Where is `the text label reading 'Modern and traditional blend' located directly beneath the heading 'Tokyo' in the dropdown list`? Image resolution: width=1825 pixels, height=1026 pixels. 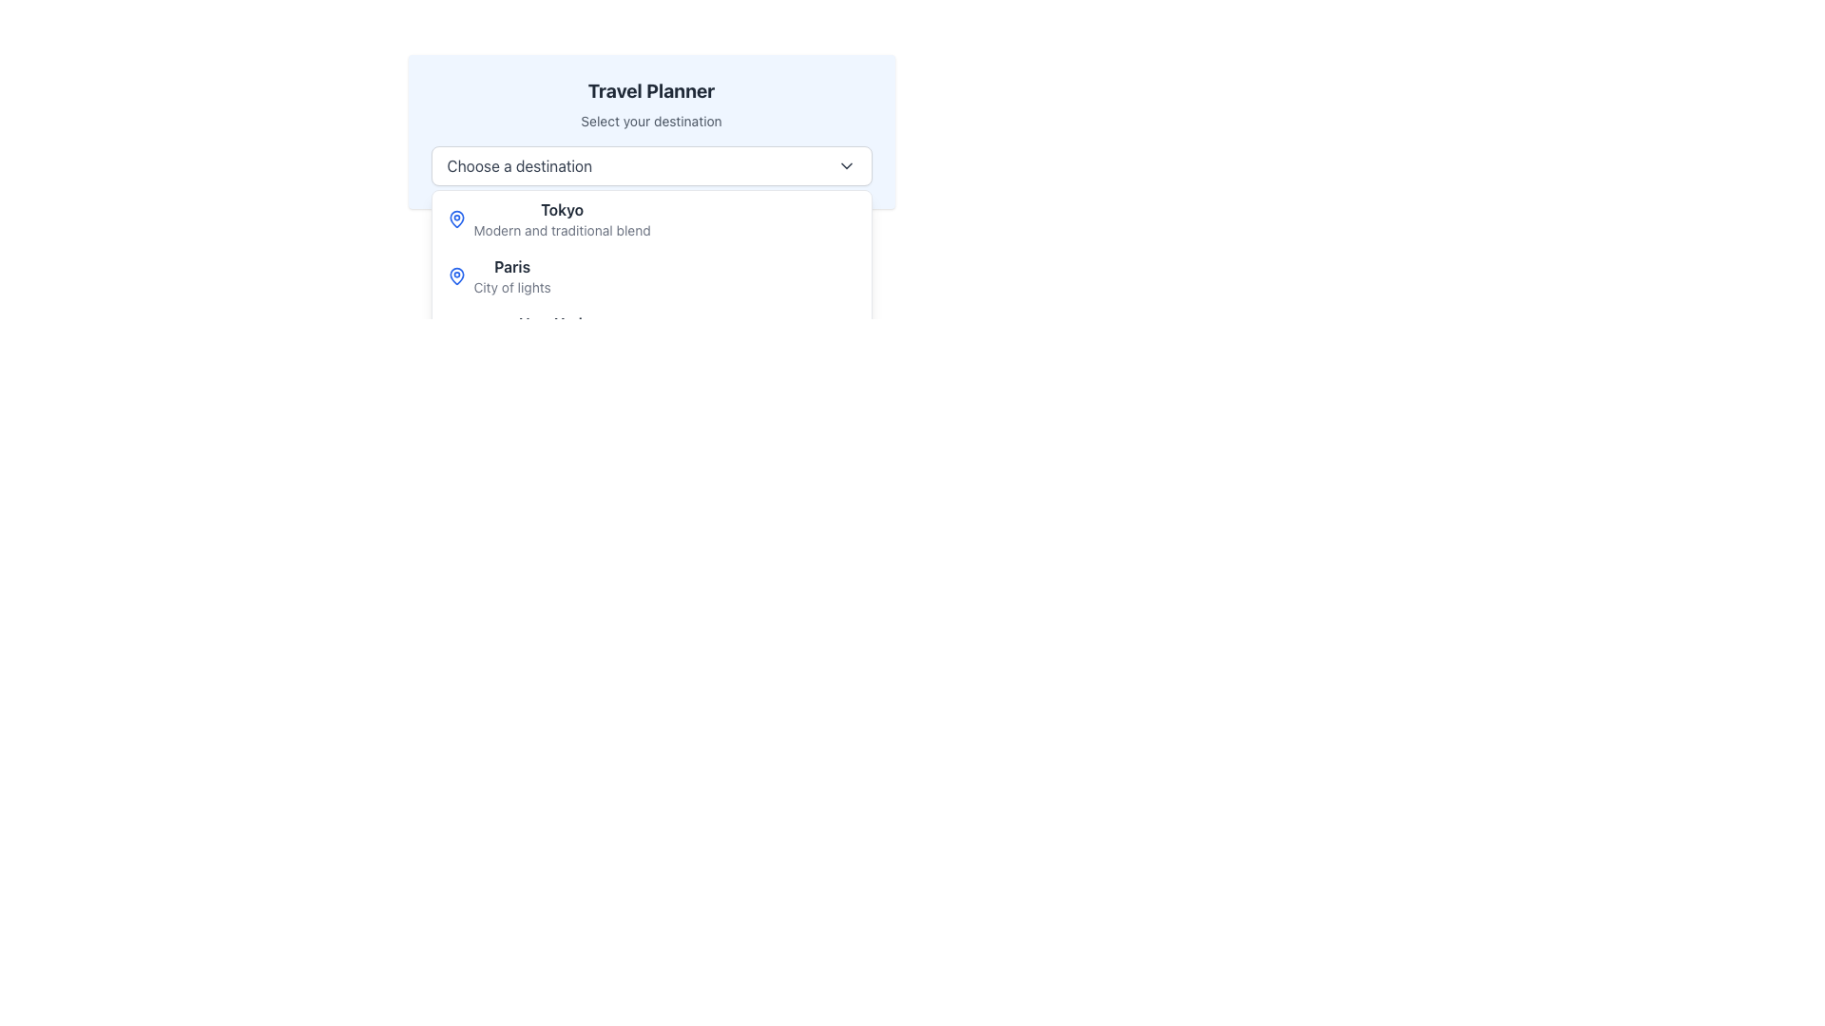 the text label reading 'Modern and traditional blend' located directly beneath the heading 'Tokyo' in the dropdown list is located at coordinates (561, 230).